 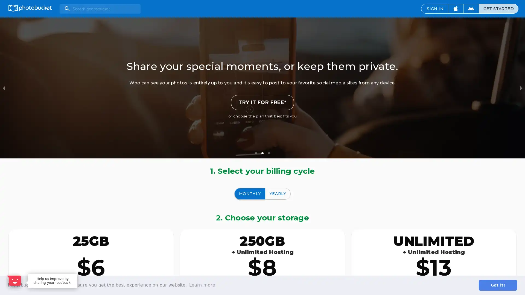 I want to click on slide item 2, so click(x=262, y=153).